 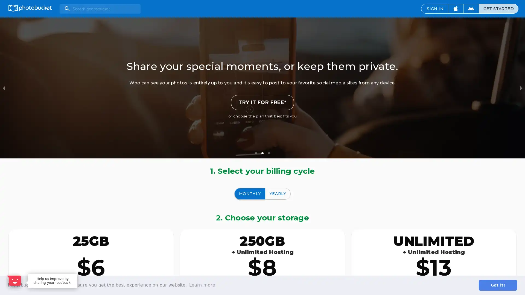 I want to click on slide item 2, so click(x=262, y=153).